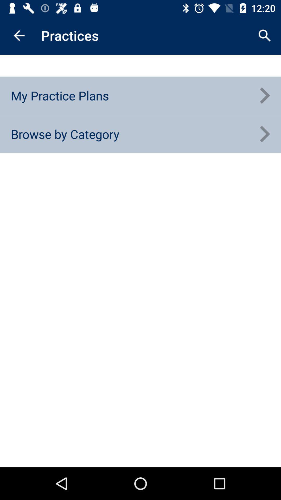 The image size is (281, 500). Describe the element at coordinates (265, 96) in the screenshot. I see `the icon to the right of my practice plans icon` at that location.